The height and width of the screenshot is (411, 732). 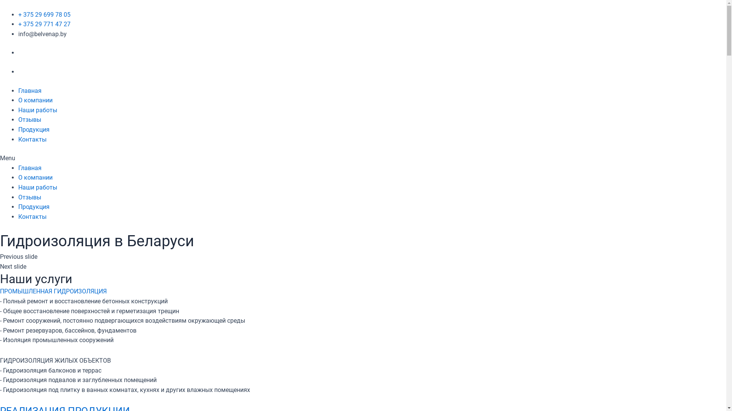 What do you see at coordinates (44, 14) in the screenshot?
I see `'+ 375 29 699 78 05'` at bounding box center [44, 14].